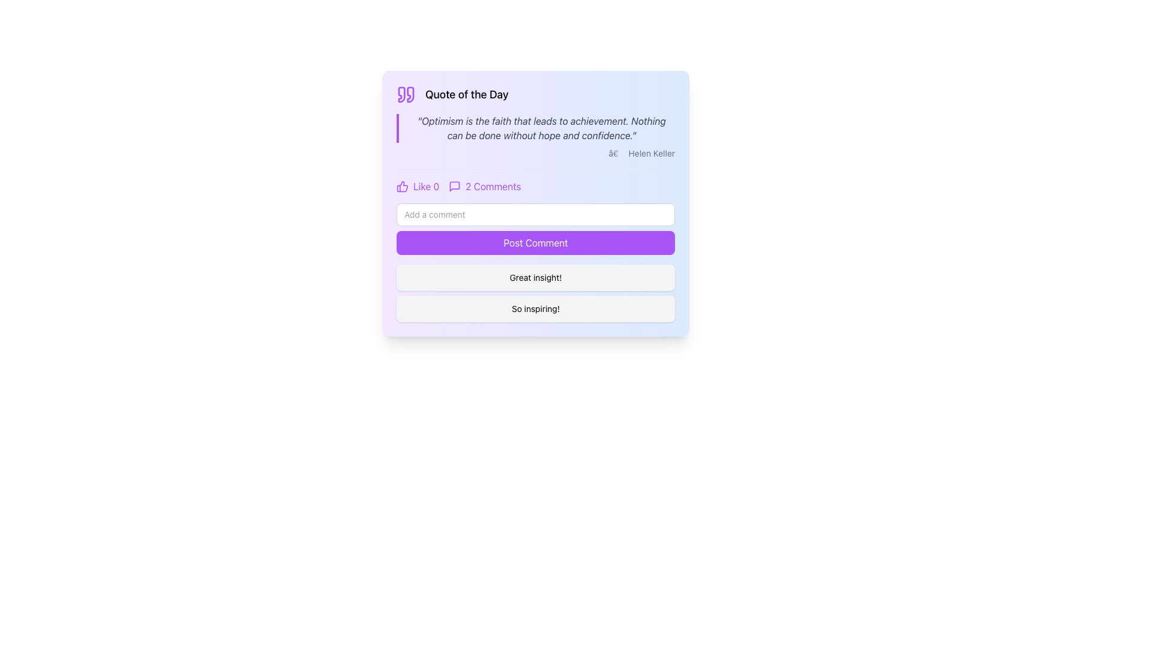  Describe the element at coordinates (485, 187) in the screenshot. I see `the Button with text and icon, which is located to the right of the 'Like 0' element under the Quote of the Day` at that location.